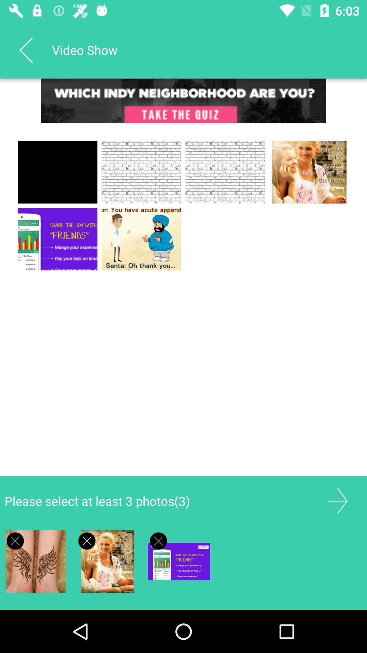 This screenshot has width=367, height=653. I want to click on close, so click(15, 540).